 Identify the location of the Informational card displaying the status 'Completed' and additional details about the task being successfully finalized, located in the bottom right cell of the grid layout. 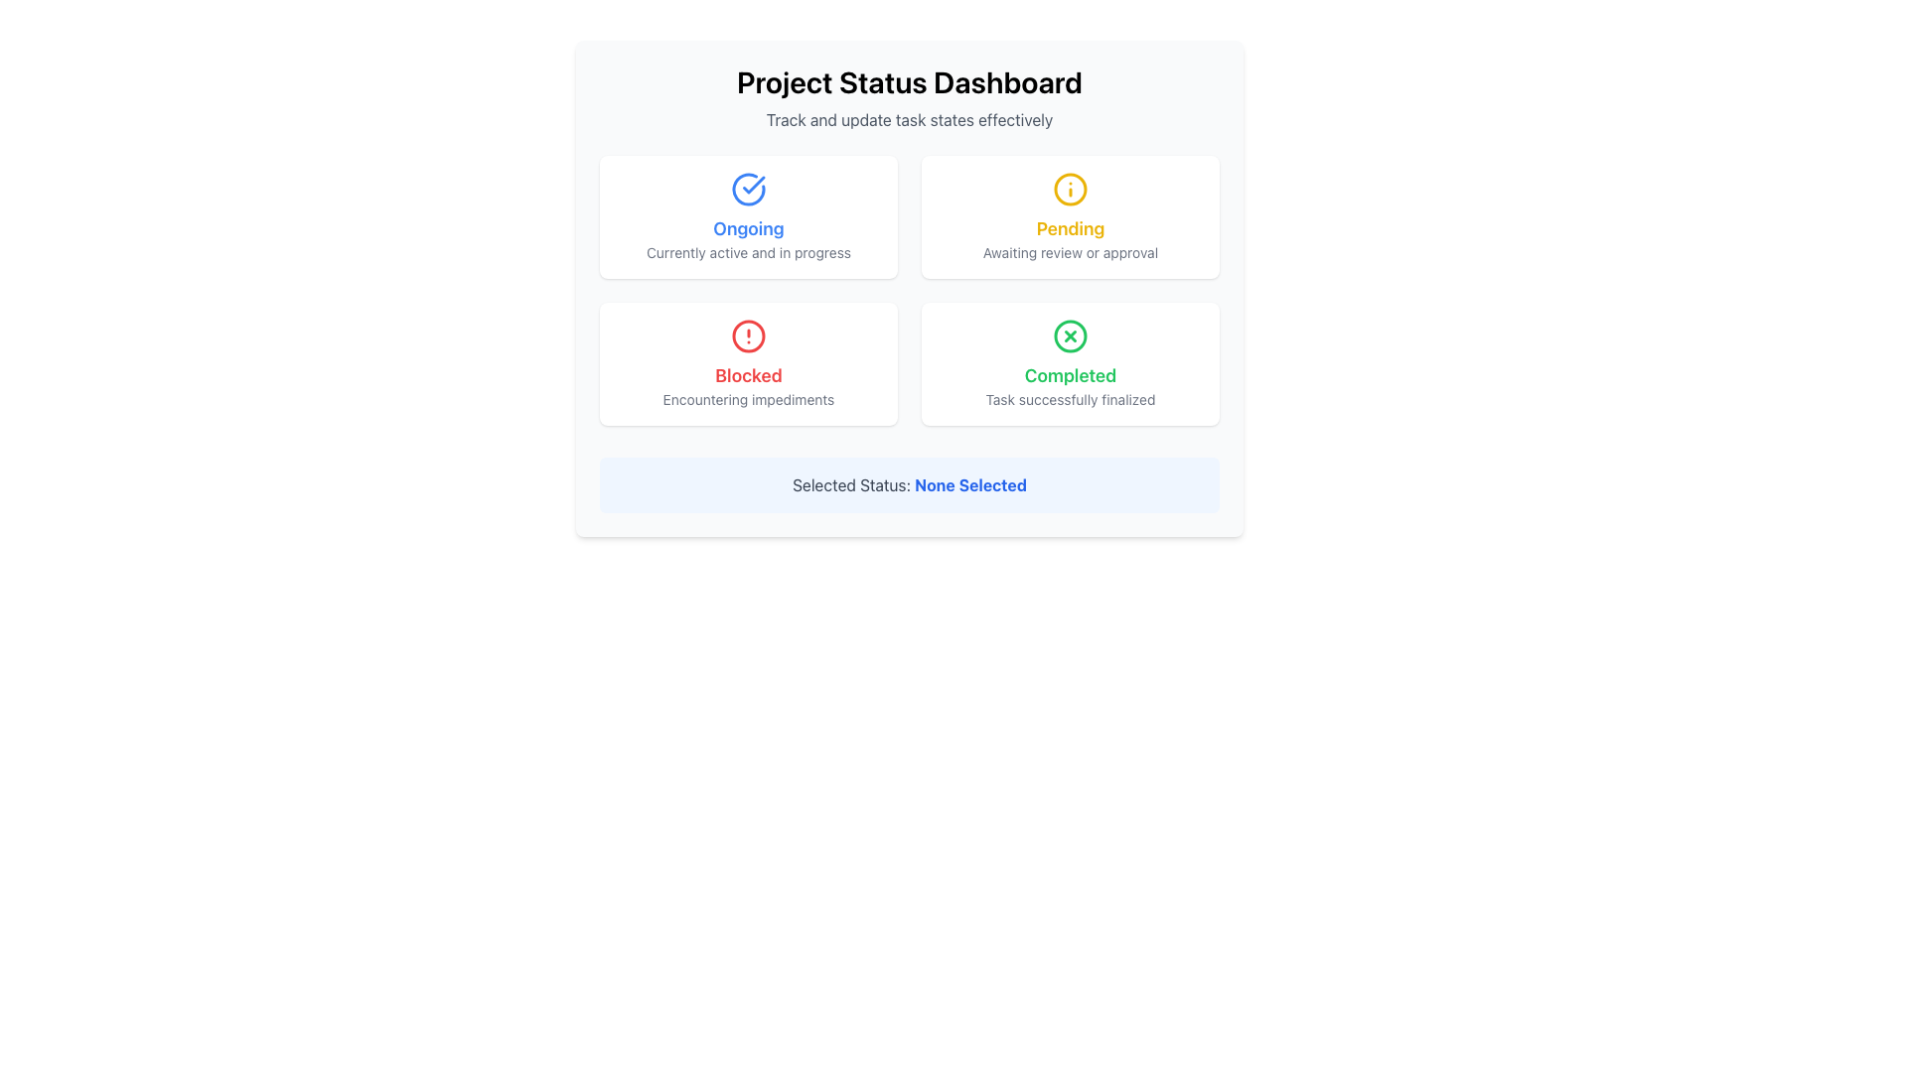
(1070, 363).